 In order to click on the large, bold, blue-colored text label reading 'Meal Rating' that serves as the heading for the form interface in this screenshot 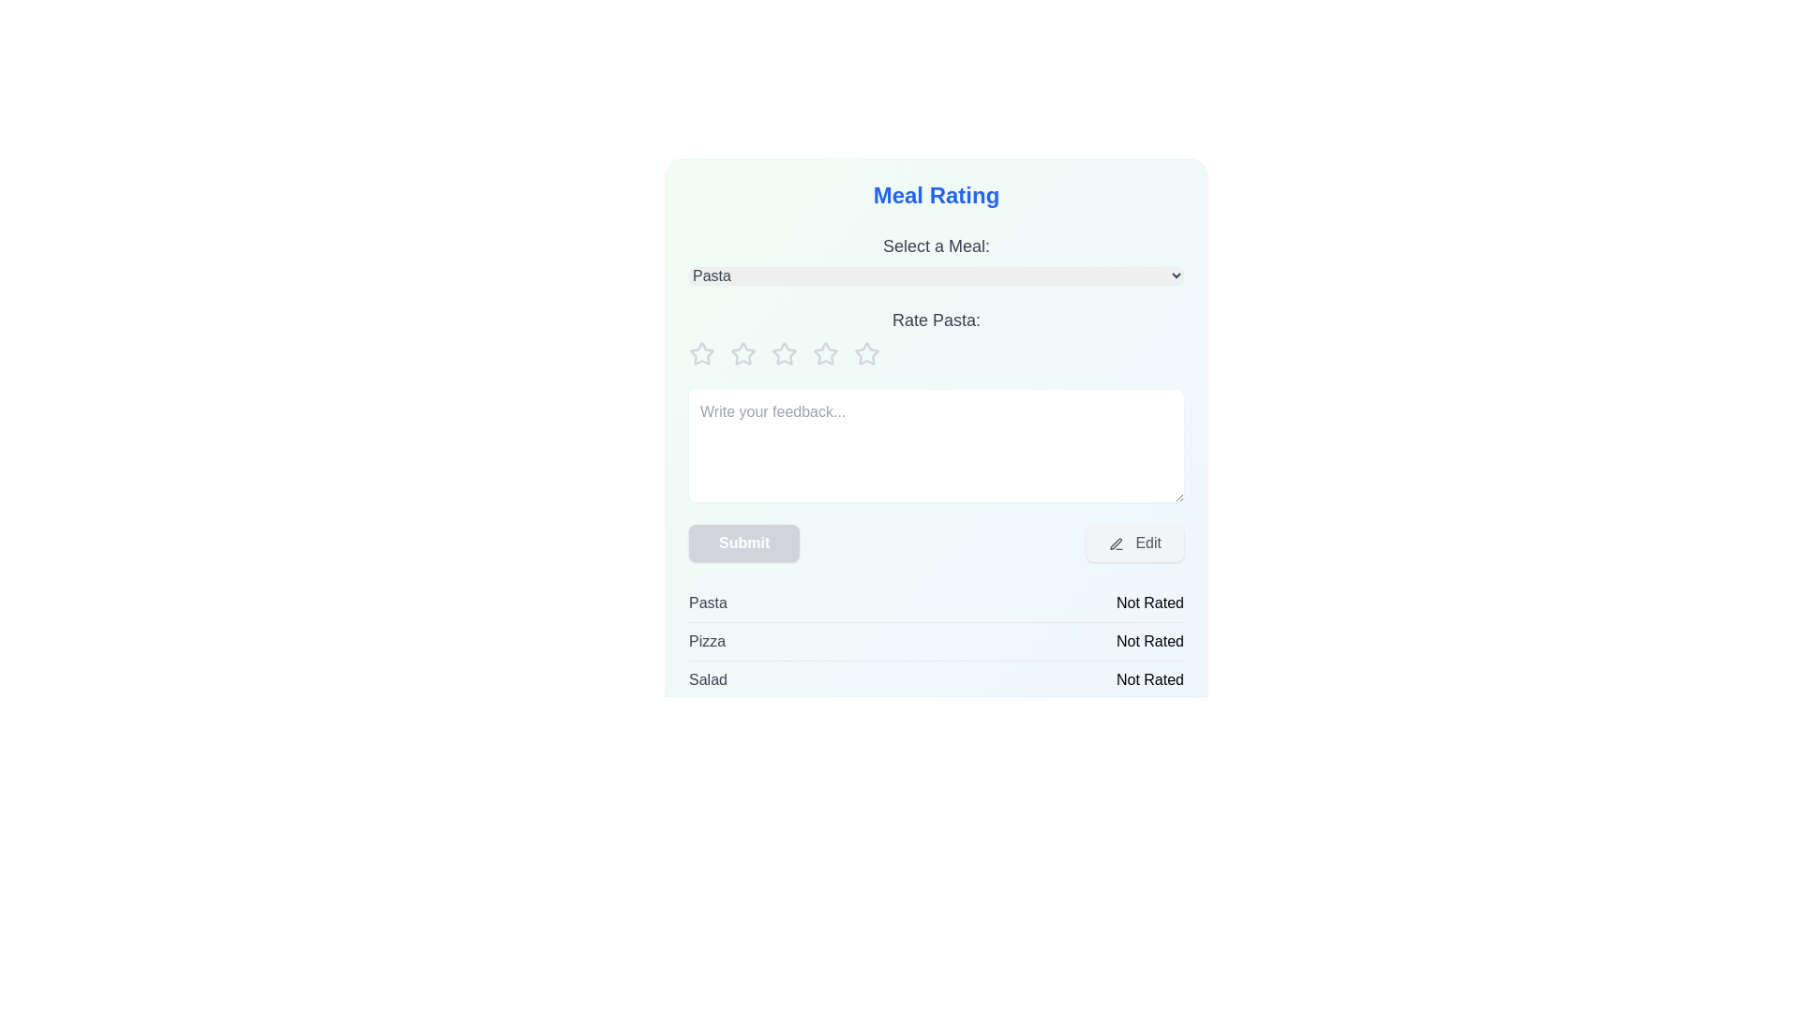, I will do `click(936, 195)`.